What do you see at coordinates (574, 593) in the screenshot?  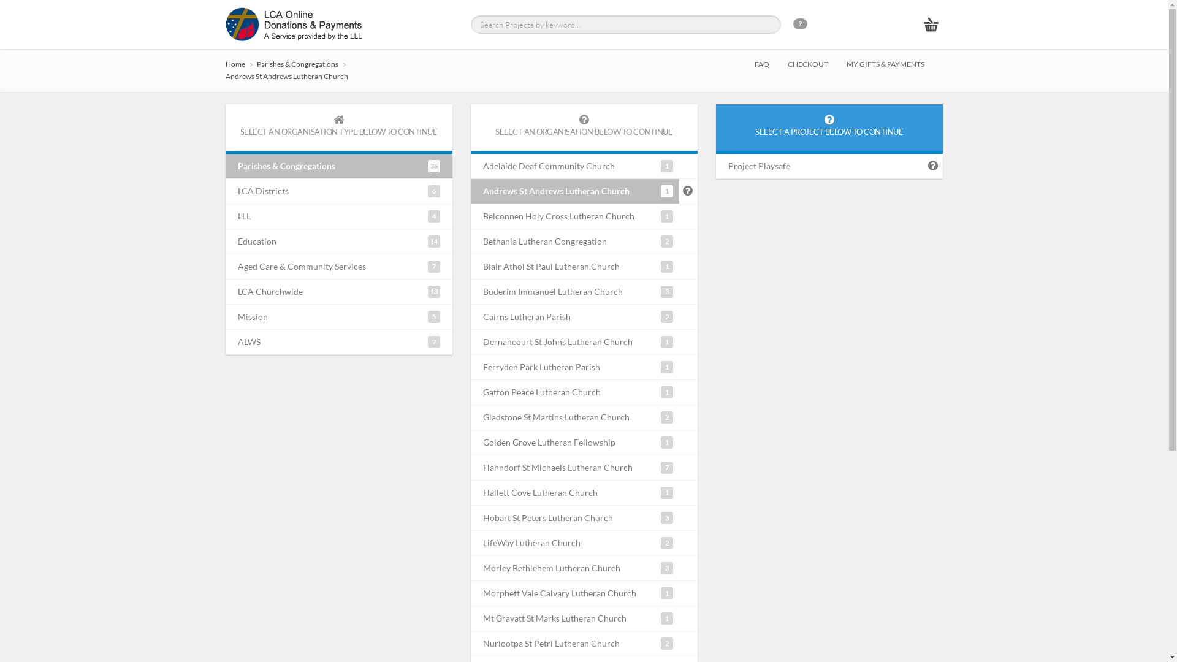 I see `'1` at bounding box center [574, 593].